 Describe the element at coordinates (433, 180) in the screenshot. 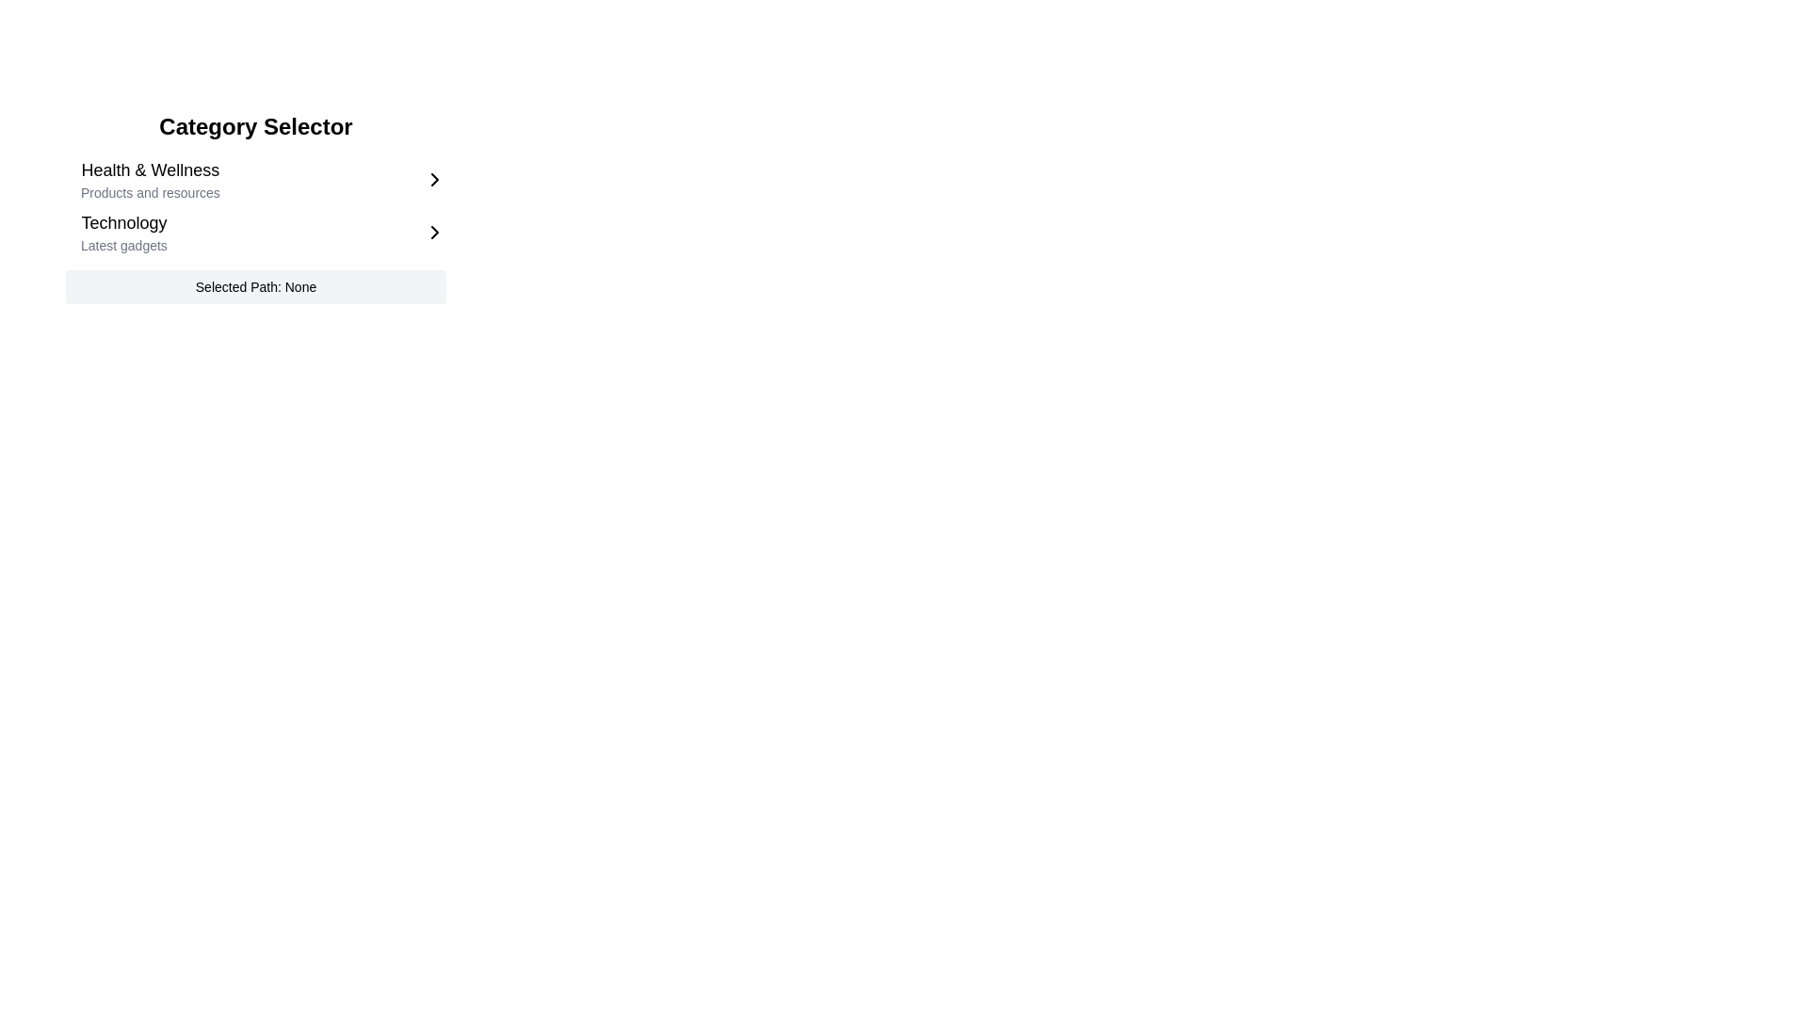

I see `the Chevron Icon, a right-pointing arrow located to the right of the 'Health & Wellness' text` at that location.